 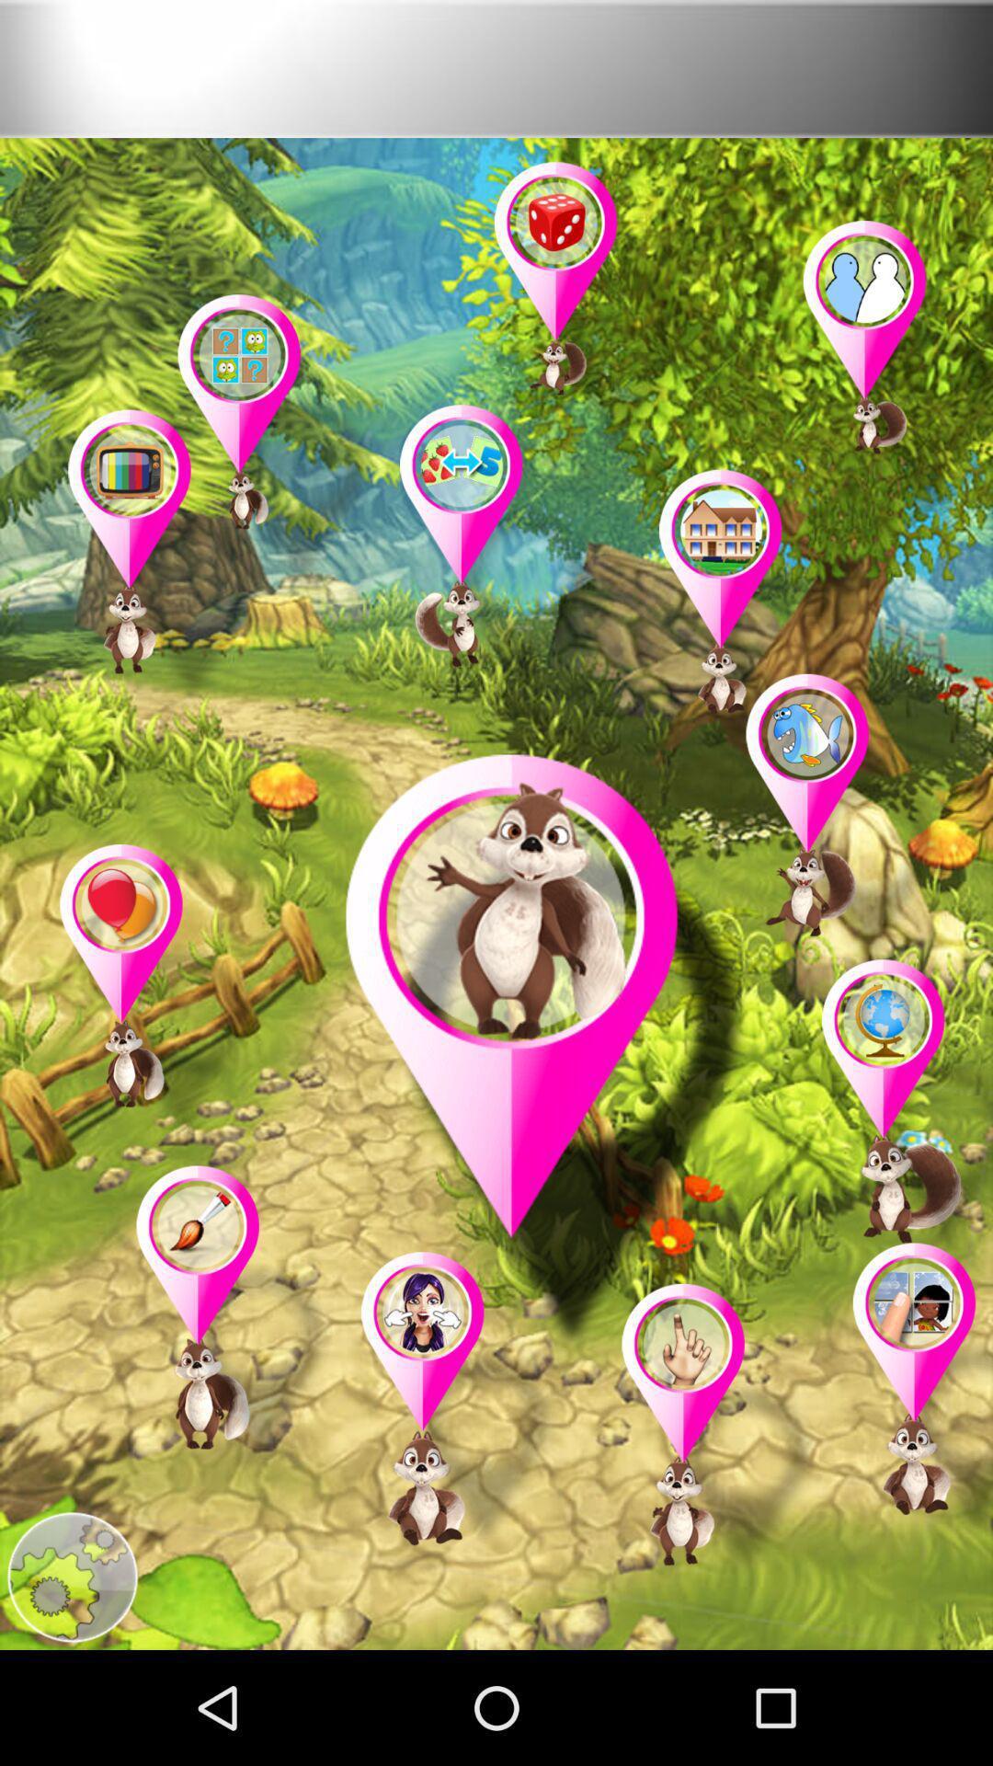 I want to click on the squirrel, so click(x=896, y=1109).